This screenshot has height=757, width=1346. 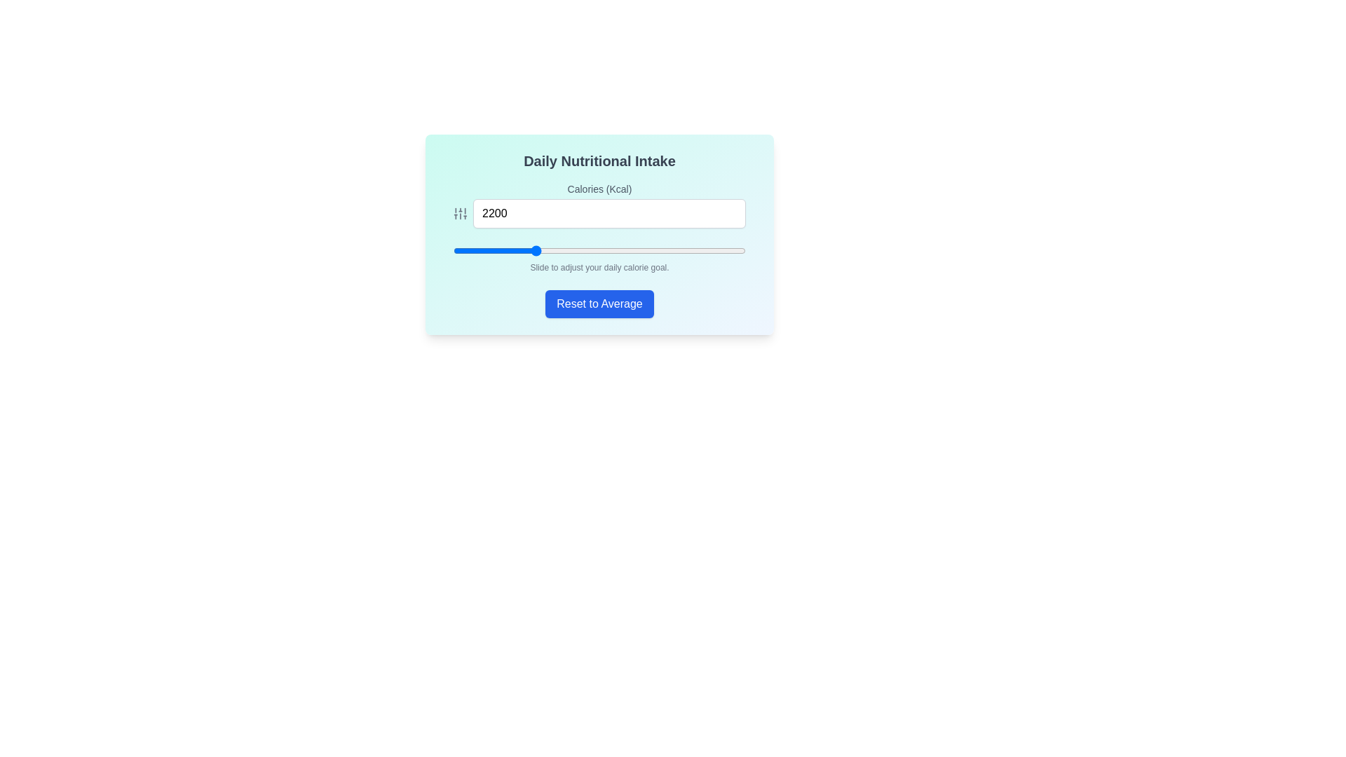 I want to click on the calorie goal, so click(x=513, y=250).